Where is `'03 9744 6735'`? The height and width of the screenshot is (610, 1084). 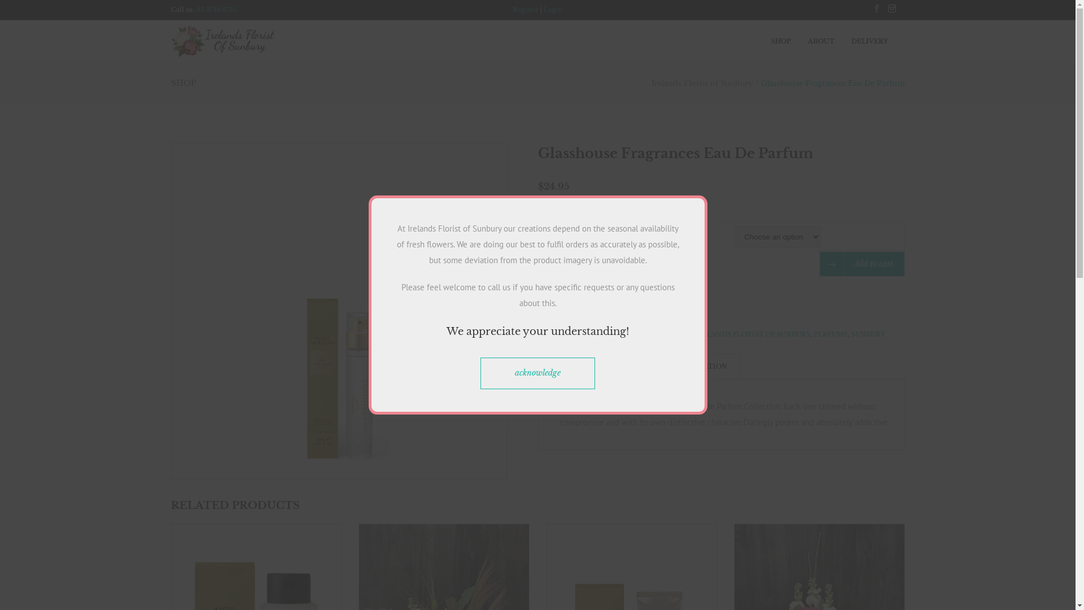
'03 9744 6735' is located at coordinates (216, 9).